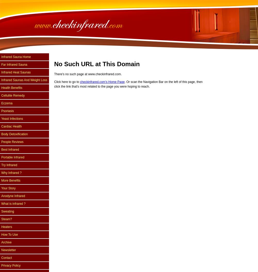 The image size is (258, 272). What do you see at coordinates (7, 103) in the screenshot?
I see `'Eczema'` at bounding box center [7, 103].